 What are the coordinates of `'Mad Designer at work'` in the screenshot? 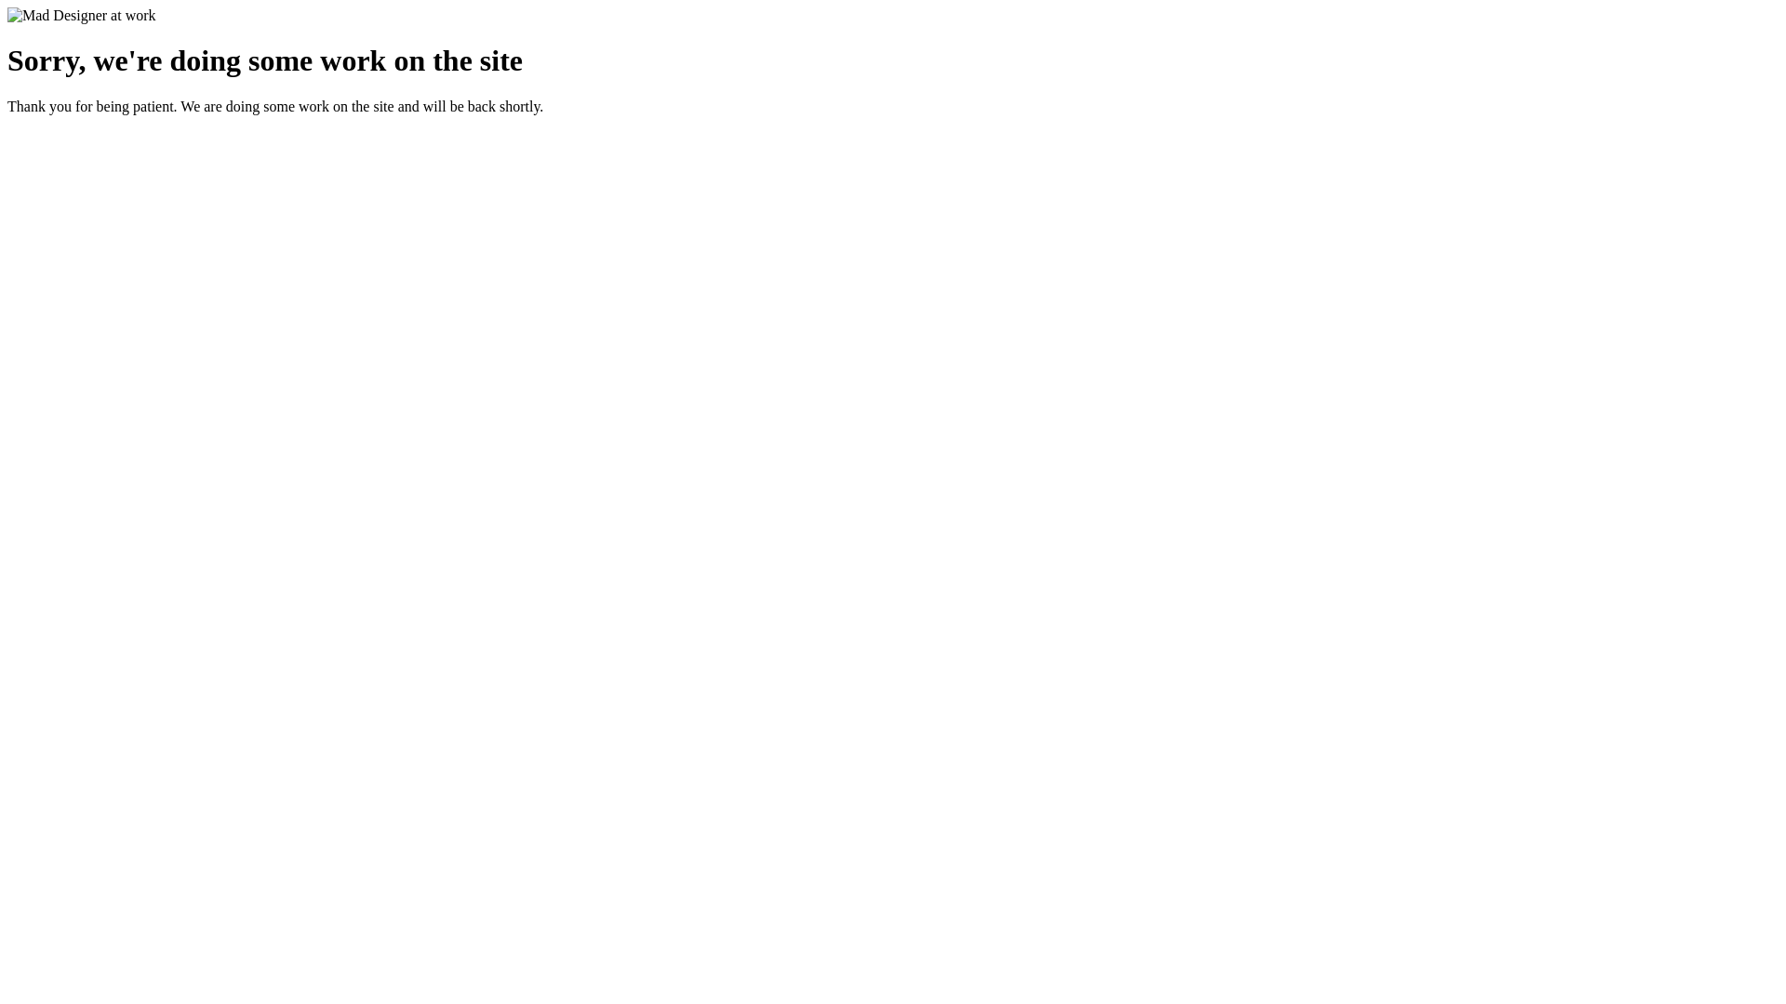 It's located at (7, 15).